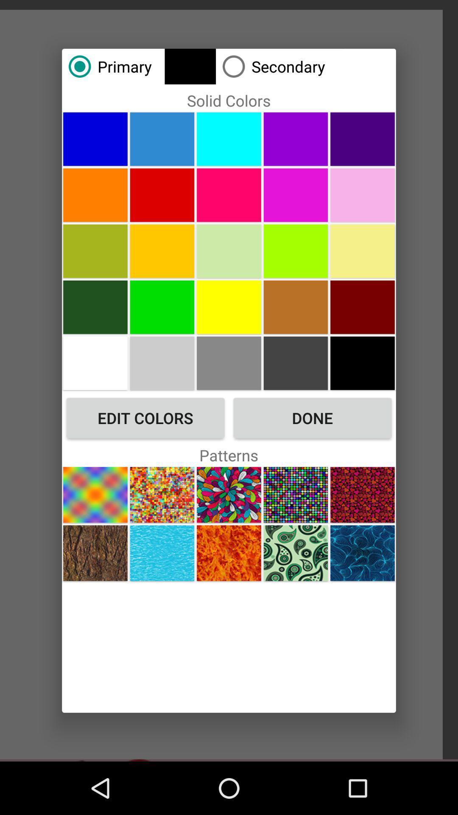 This screenshot has height=815, width=458. Describe the element at coordinates (95, 495) in the screenshot. I see `pattern` at that location.